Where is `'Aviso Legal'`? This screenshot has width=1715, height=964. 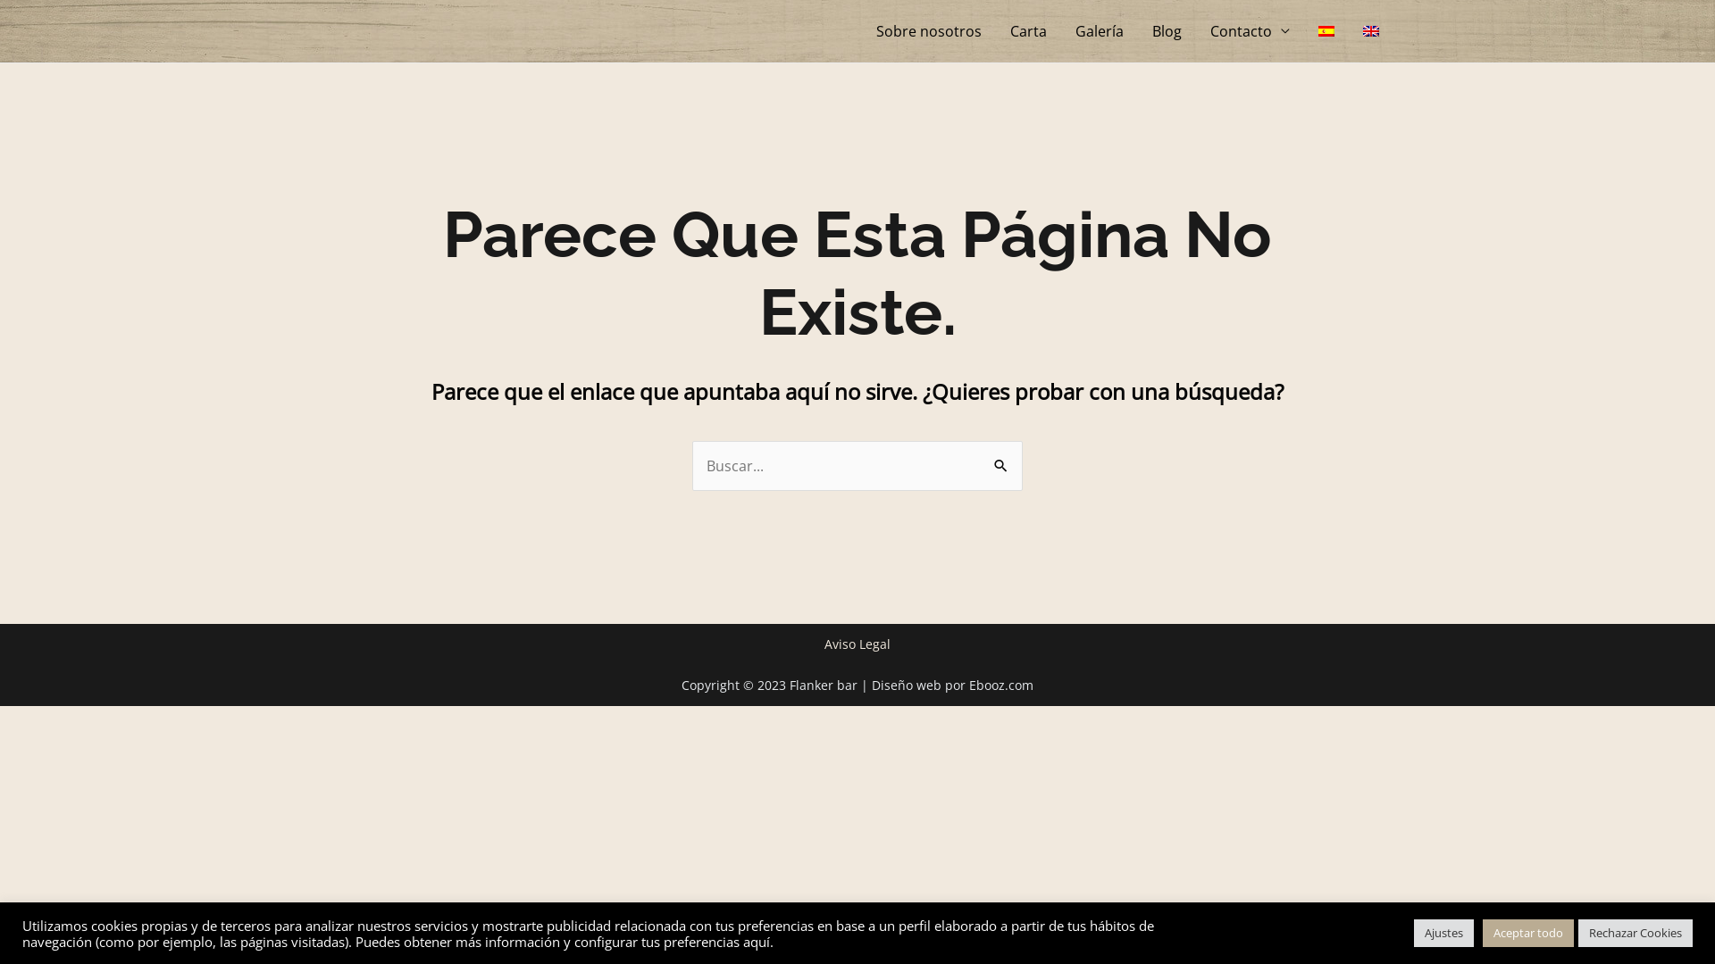 'Aviso Legal' is located at coordinates (823, 644).